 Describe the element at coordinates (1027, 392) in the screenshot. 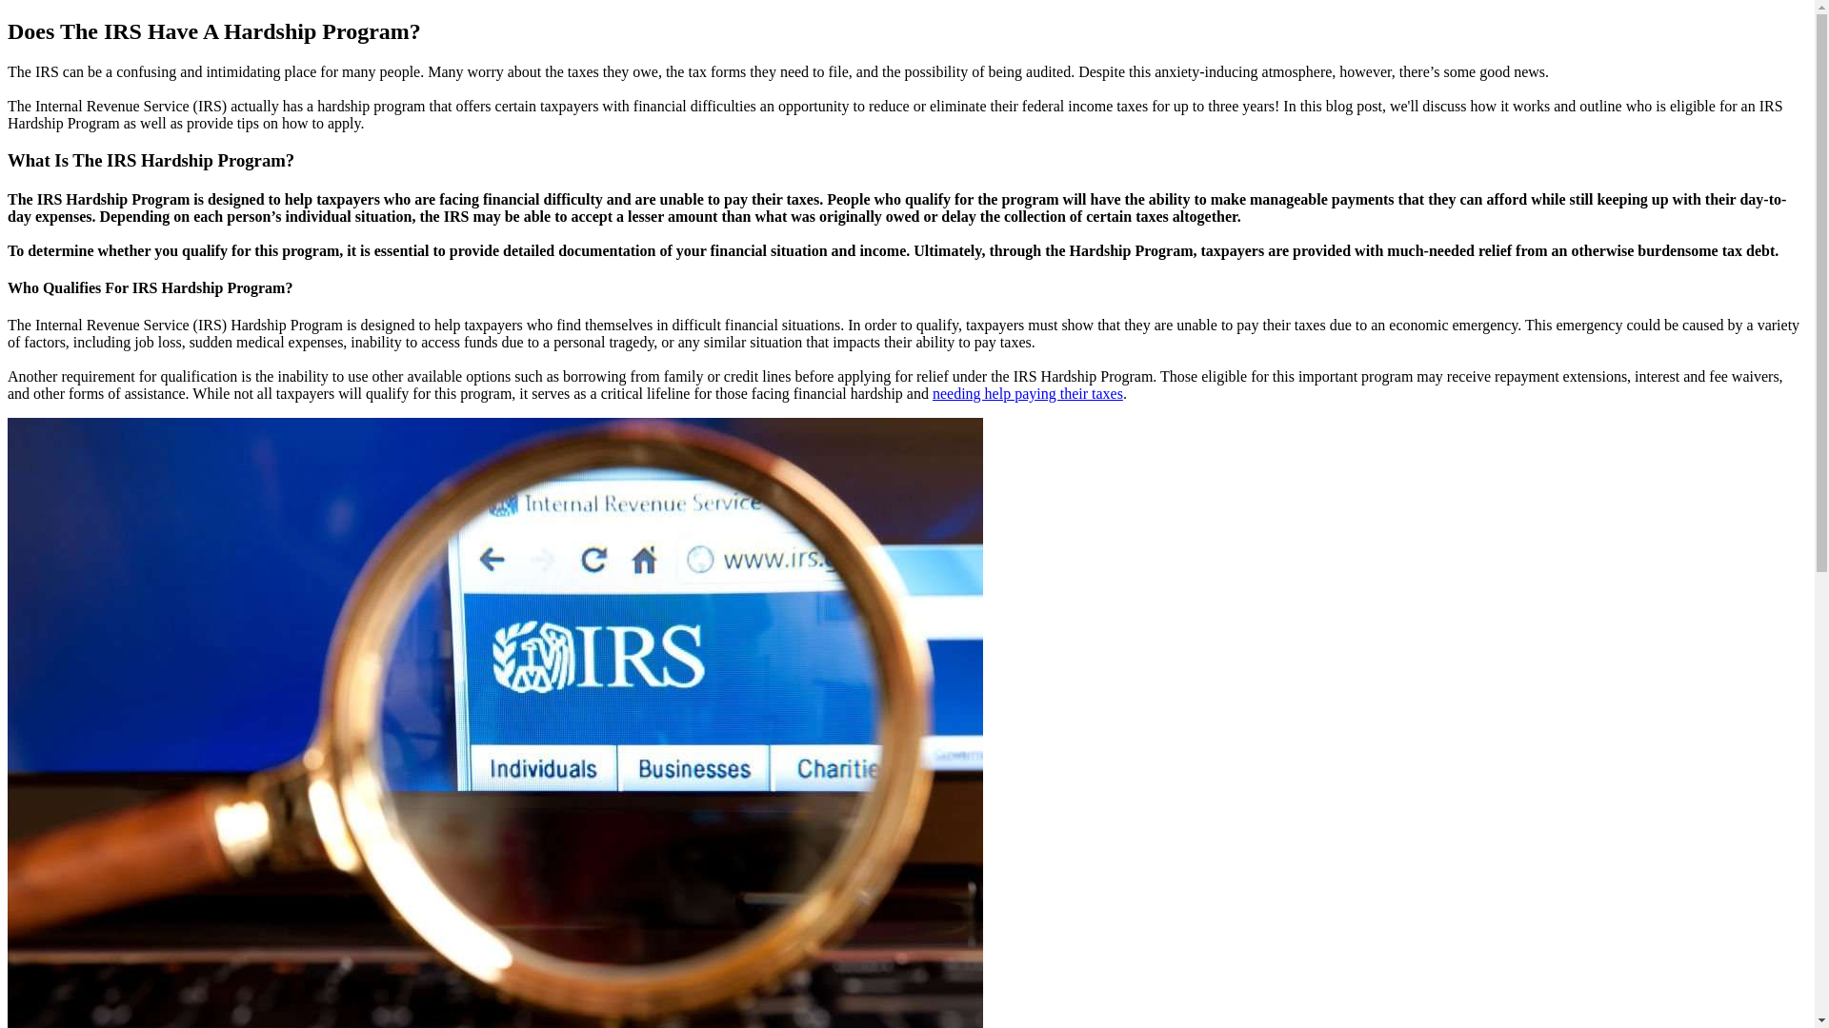

I see `'needing help paying their taxes'` at that location.